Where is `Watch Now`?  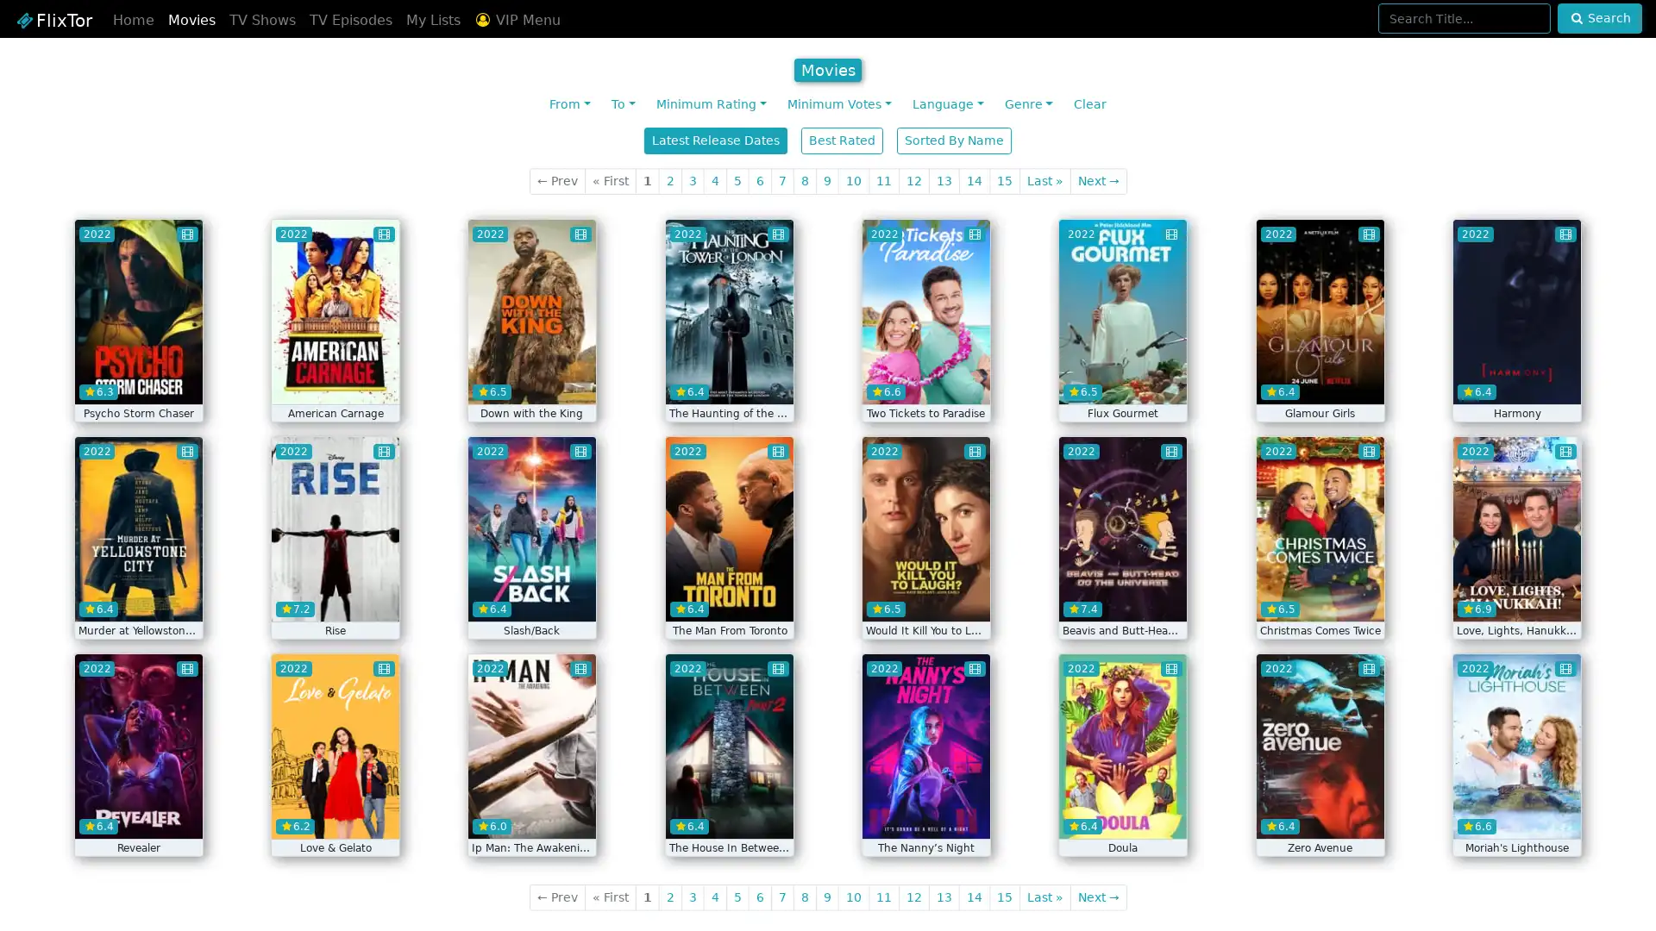 Watch Now is located at coordinates (1122, 595).